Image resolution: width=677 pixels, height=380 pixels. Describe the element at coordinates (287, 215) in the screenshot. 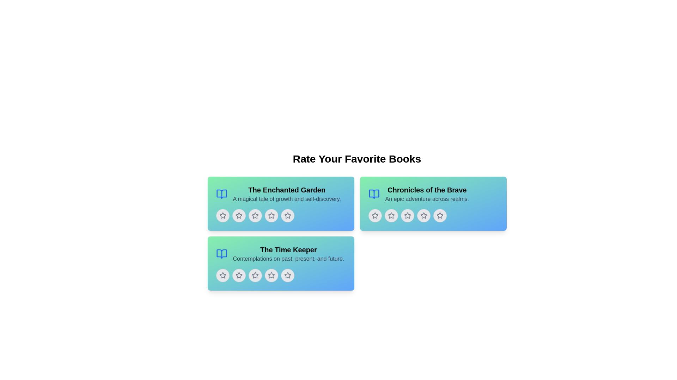

I see `the second star-shaped rating icon in the row of five stars located in the bottom section of the card titled 'The Enchanted Garden'` at that location.